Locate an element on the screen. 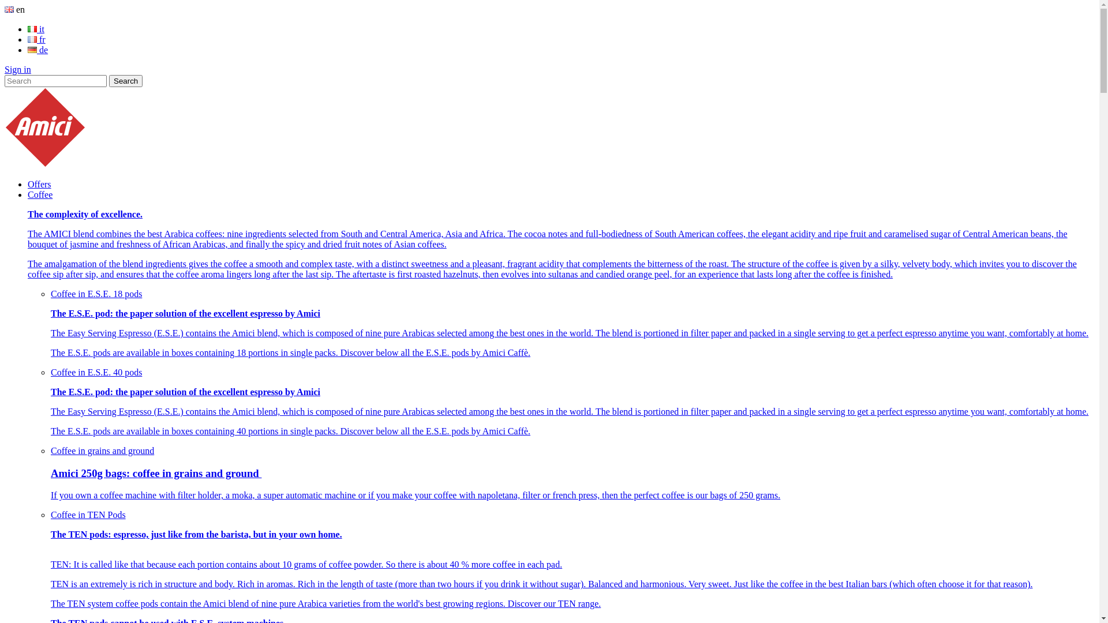  'de' is located at coordinates (38, 49).